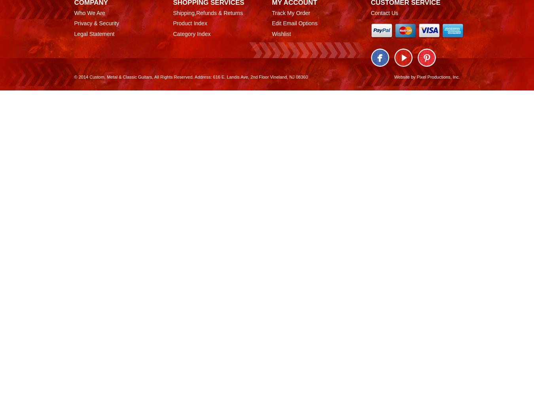 Image resolution: width=534 pixels, height=395 pixels. What do you see at coordinates (190, 77) in the screenshot?
I see `'© 2014 Custom, Metal & Classic Guitars, All Rights Reserved.     Address: 616 E. Landis Ave, 2nd Floor Vineland, NJ 08360'` at bounding box center [190, 77].